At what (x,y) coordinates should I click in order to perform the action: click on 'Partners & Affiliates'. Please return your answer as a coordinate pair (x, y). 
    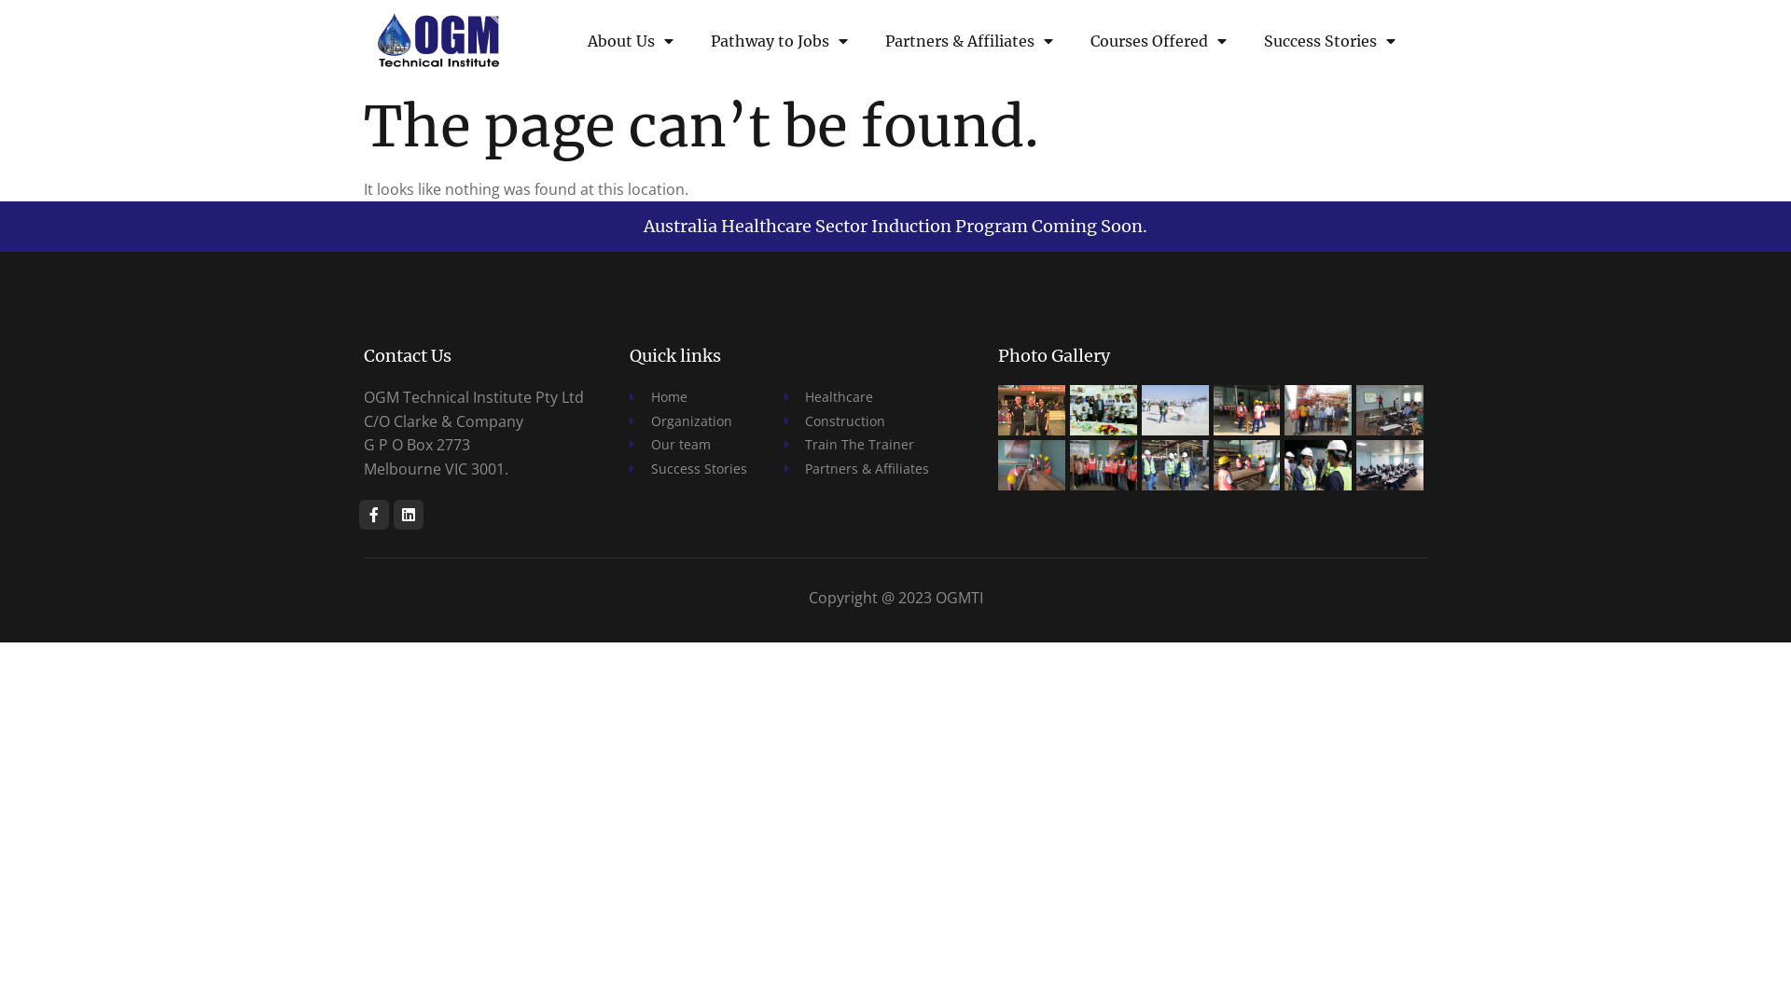
    Looking at the image, I should click on (866, 41).